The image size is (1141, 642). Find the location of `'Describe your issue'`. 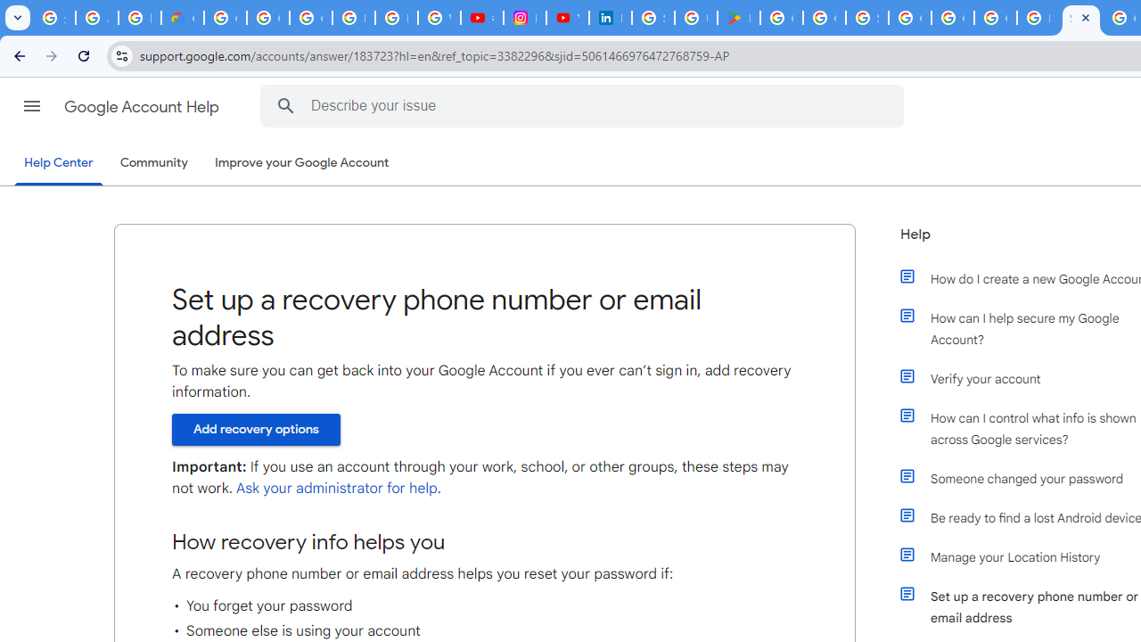

'Describe your issue' is located at coordinates (585, 105).